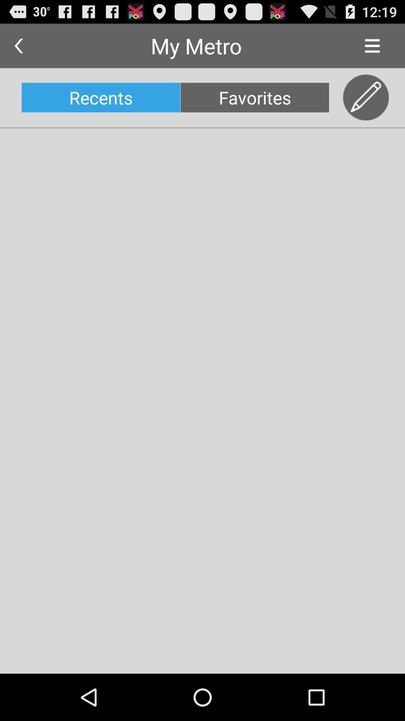  I want to click on the item to the left of my metro, so click(18, 45).